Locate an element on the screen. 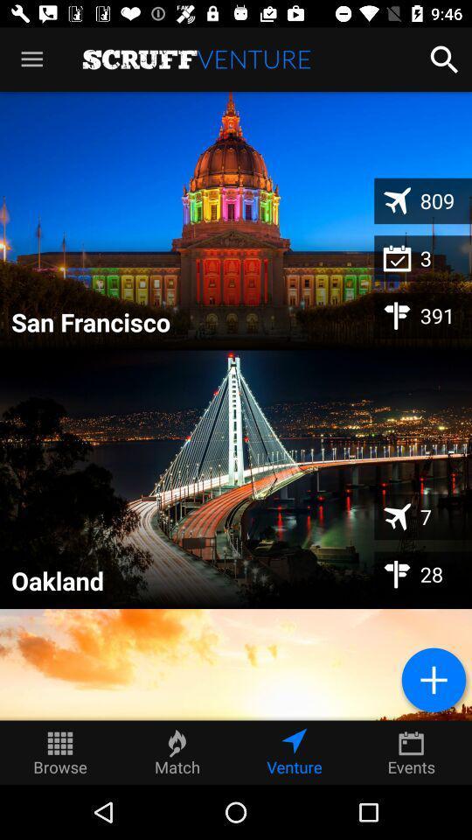  the add icon is located at coordinates (433, 679).